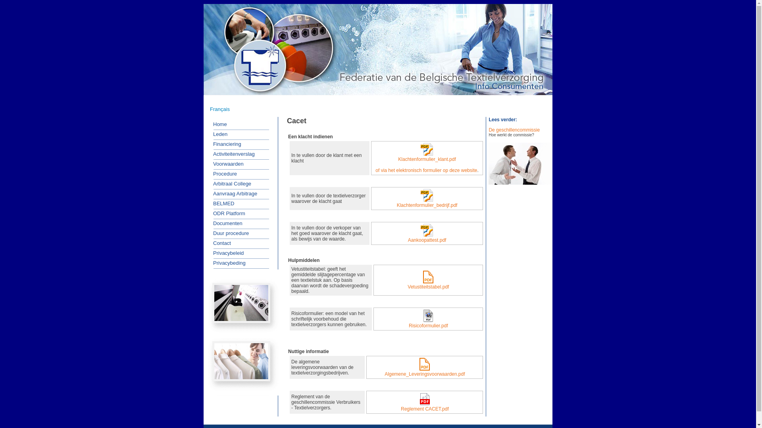  Describe the element at coordinates (426, 170) in the screenshot. I see `'of via het elektronisch formulier op deze website'` at that location.